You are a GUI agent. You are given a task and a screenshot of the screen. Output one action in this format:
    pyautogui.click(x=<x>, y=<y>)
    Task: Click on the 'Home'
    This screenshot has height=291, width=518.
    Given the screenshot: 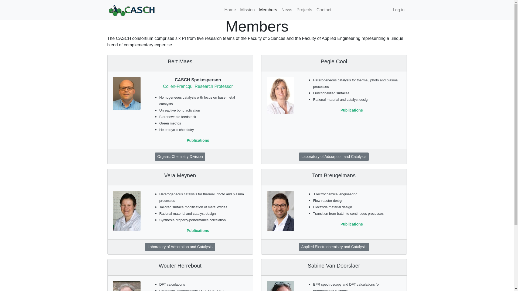 What is the action you would take?
    pyautogui.click(x=230, y=10)
    